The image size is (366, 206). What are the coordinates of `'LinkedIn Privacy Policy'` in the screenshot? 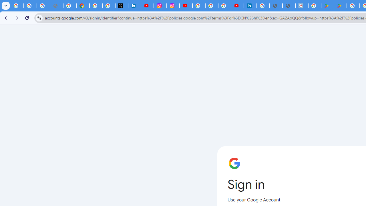 It's located at (134, 6).